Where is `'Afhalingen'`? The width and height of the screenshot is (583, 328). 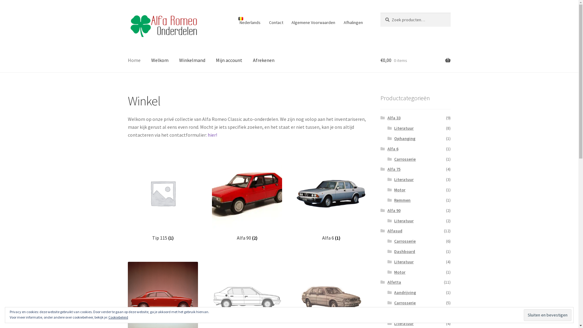 'Afhalingen' is located at coordinates (353, 22).